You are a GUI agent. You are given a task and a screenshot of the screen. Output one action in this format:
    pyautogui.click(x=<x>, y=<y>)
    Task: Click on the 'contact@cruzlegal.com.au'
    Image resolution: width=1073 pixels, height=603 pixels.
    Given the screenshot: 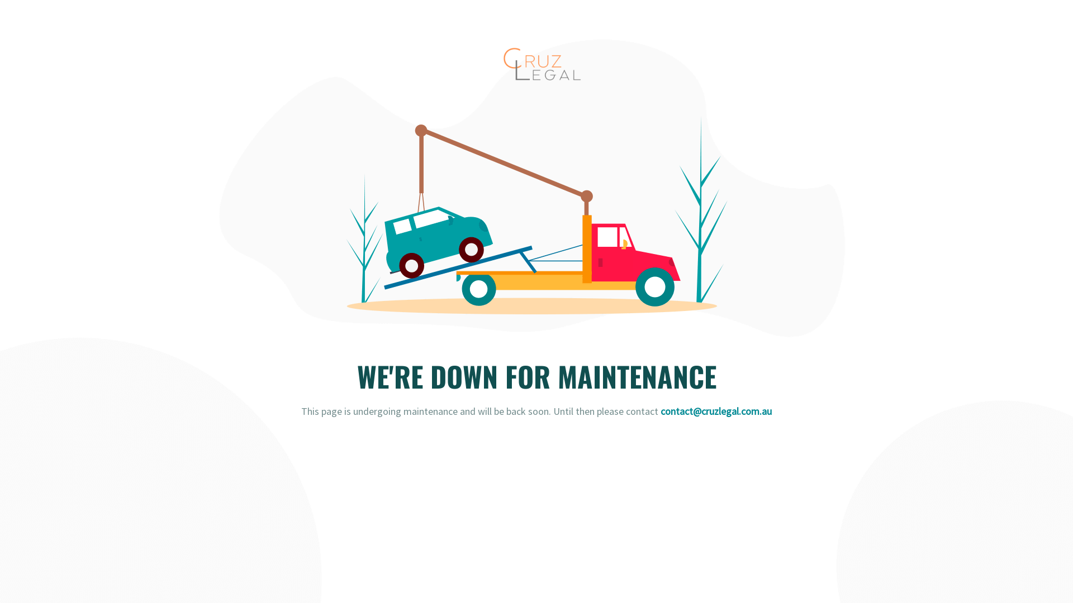 What is the action you would take?
    pyautogui.click(x=716, y=411)
    